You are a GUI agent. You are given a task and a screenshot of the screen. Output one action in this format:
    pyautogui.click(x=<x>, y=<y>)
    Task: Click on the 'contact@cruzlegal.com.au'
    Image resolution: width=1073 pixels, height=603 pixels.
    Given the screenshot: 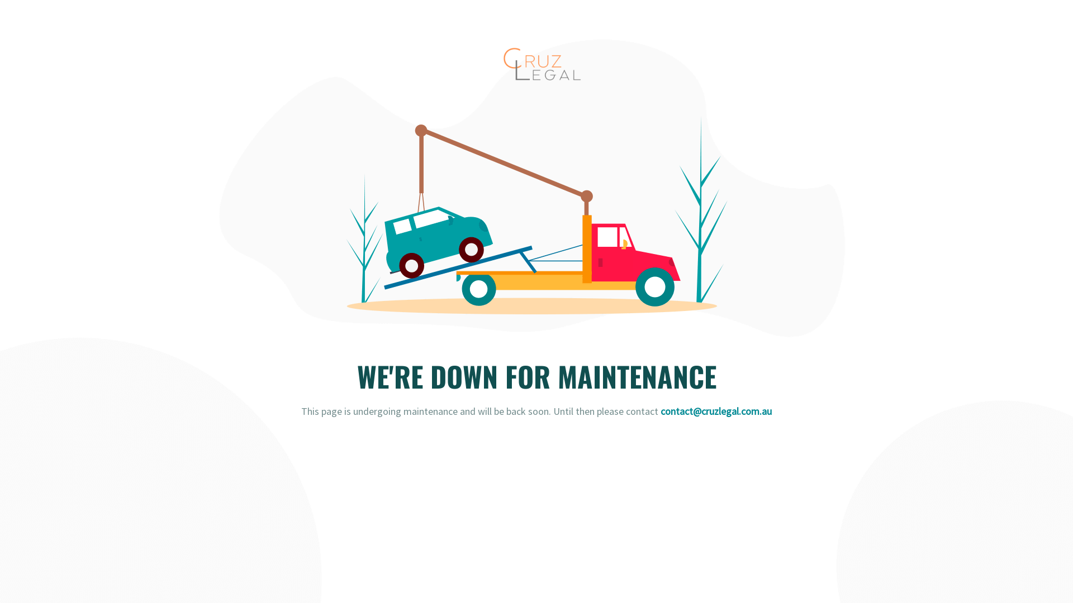 What is the action you would take?
    pyautogui.click(x=716, y=411)
    